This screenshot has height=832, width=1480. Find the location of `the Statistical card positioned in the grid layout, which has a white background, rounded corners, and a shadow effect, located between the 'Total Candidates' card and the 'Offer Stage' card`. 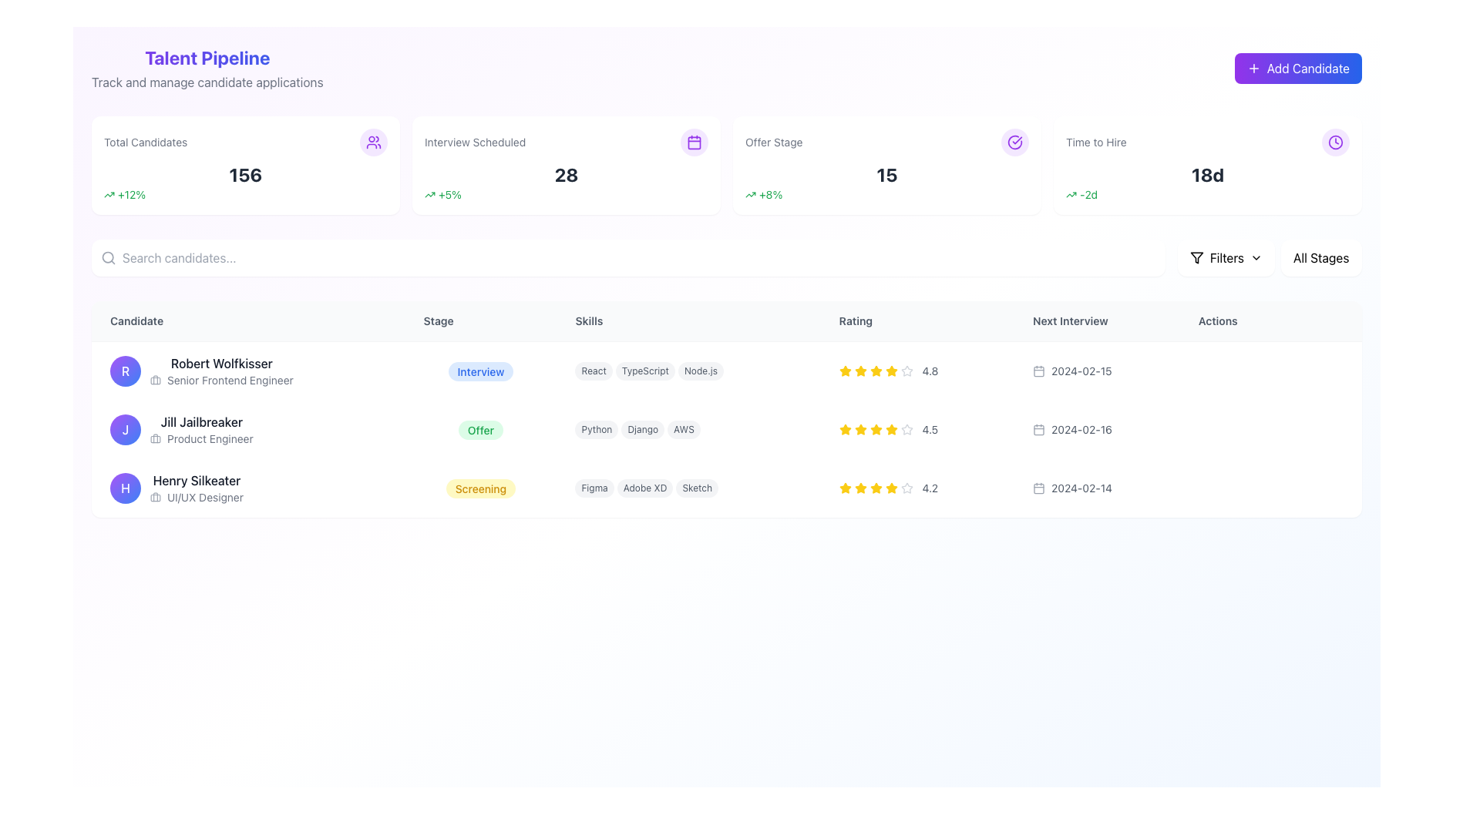

the Statistical card positioned in the grid layout, which has a white background, rounded corners, and a shadow effect, located between the 'Total Candidates' card and the 'Offer Stage' card is located at coordinates (565, 166).